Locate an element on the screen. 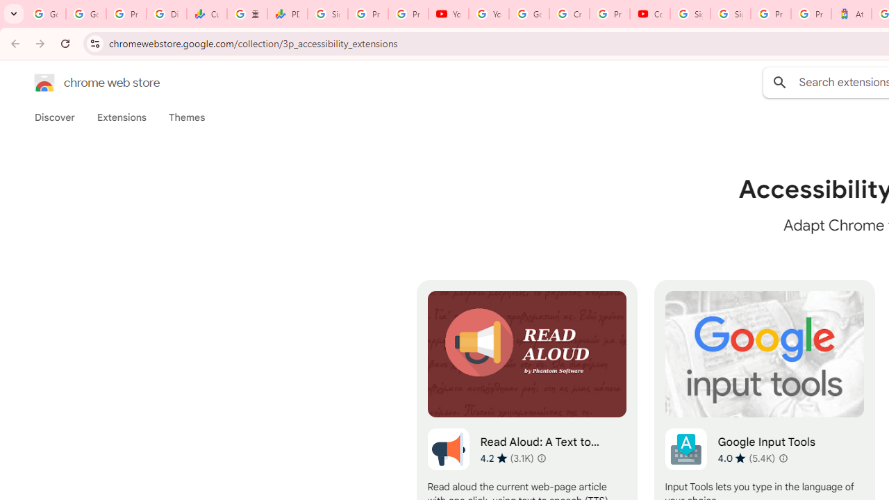 This screenshot has width=889, height=500. 'Themes' is located at coordinates (186, 117).